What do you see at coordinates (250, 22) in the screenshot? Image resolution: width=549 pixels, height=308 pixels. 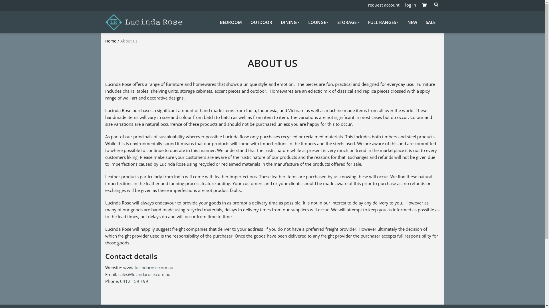 I see `'OUTDOOR'` at bounding box center [250, 22].